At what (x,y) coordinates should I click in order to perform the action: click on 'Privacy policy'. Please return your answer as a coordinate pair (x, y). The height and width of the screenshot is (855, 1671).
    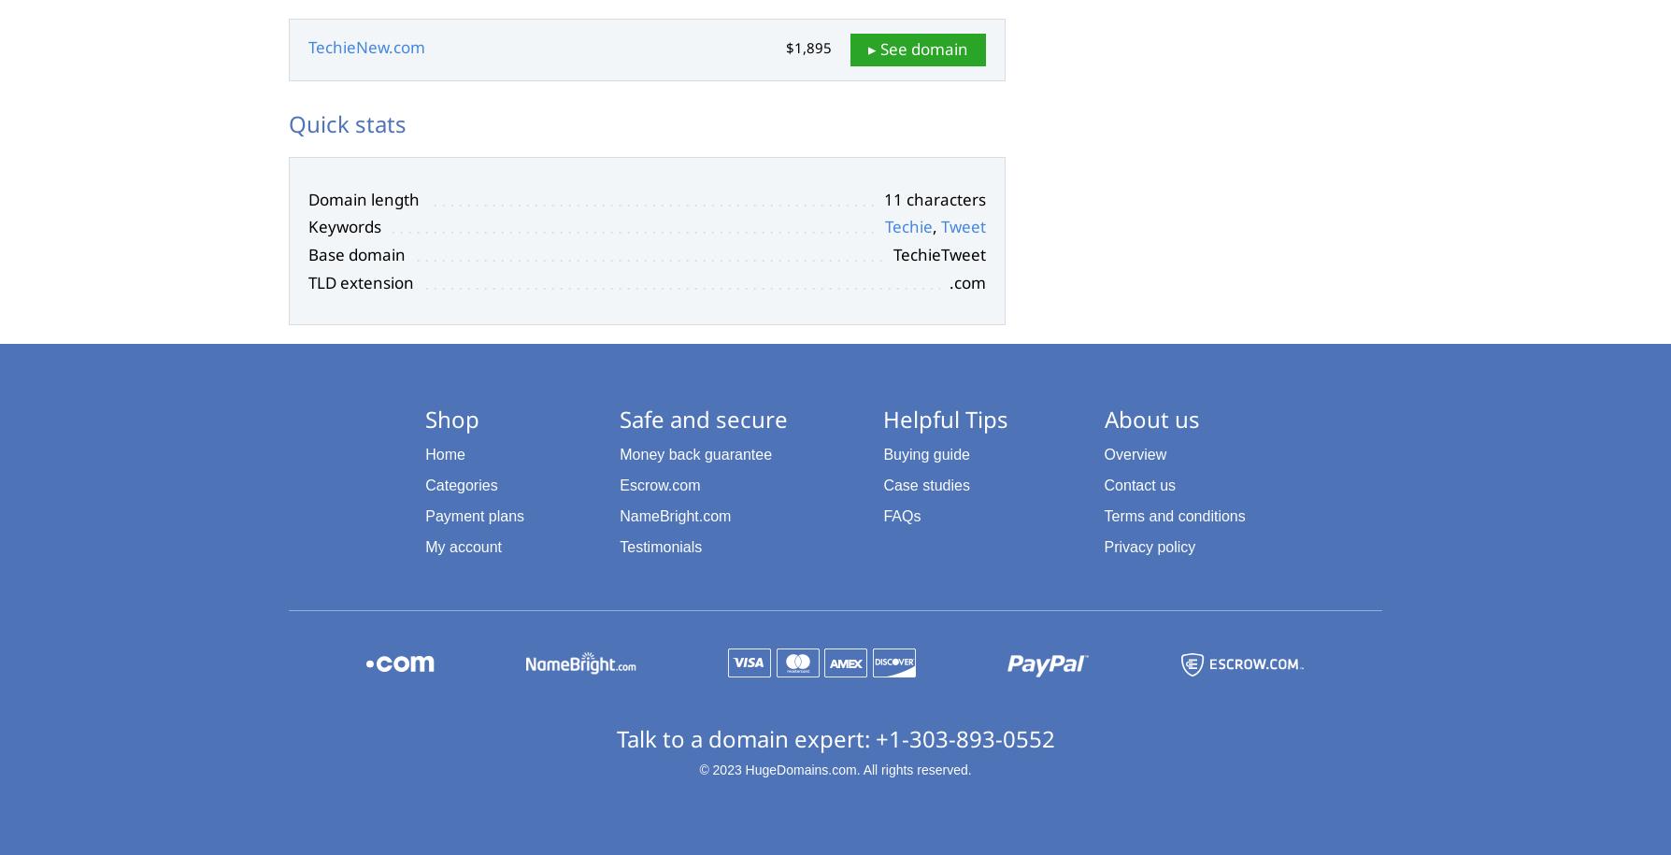
    Looking at the image, I should click on (1148, 545).